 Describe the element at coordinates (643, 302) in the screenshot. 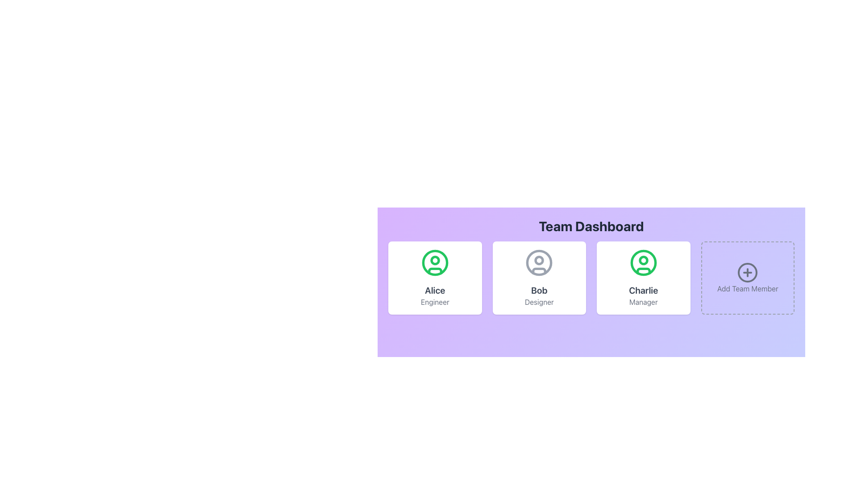

I see `the text label displaying 'Manager,' which is located beneath the name 'Charlie' in the user dashboard, to use the text for reference` at that location.